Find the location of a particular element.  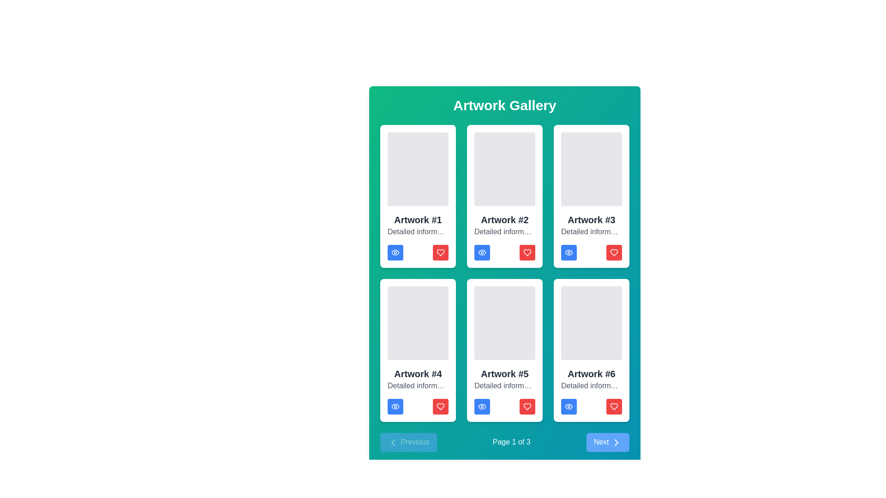

the blue button with a white eye icon located in the third card of the first row is located at coordinates (569, 252).